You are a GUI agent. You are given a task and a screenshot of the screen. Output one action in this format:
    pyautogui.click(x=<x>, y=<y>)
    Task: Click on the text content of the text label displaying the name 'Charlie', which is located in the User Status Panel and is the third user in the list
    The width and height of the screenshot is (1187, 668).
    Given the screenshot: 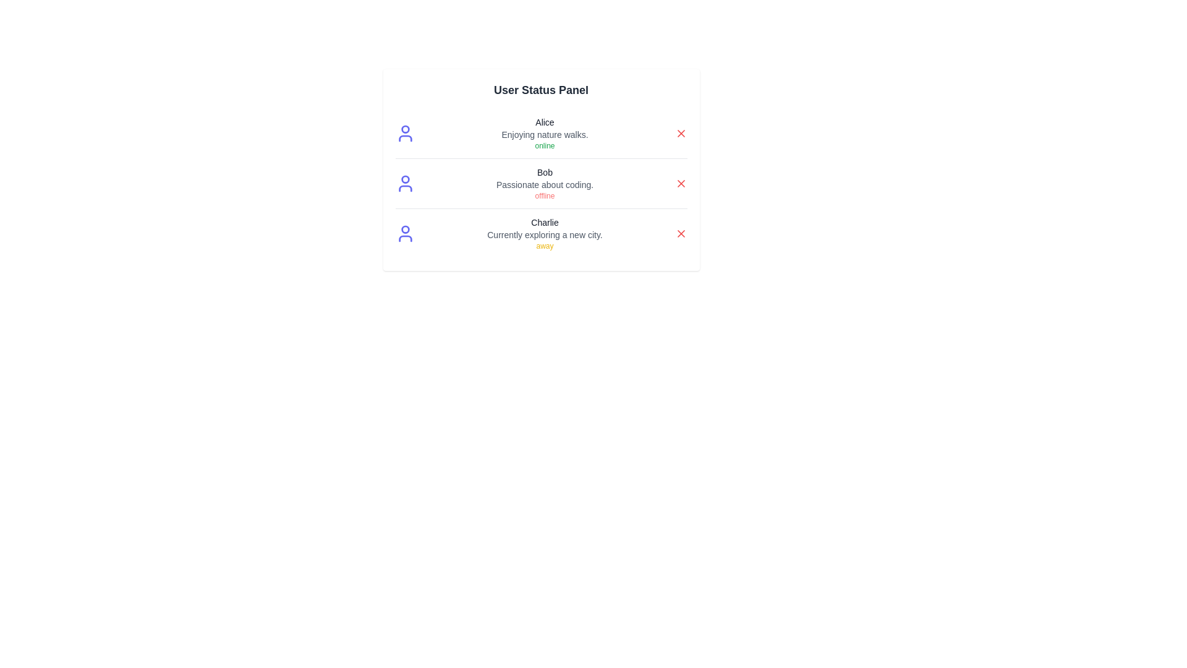 What is the action you would take?
    pyautogui.click(x=544, y=221)
    